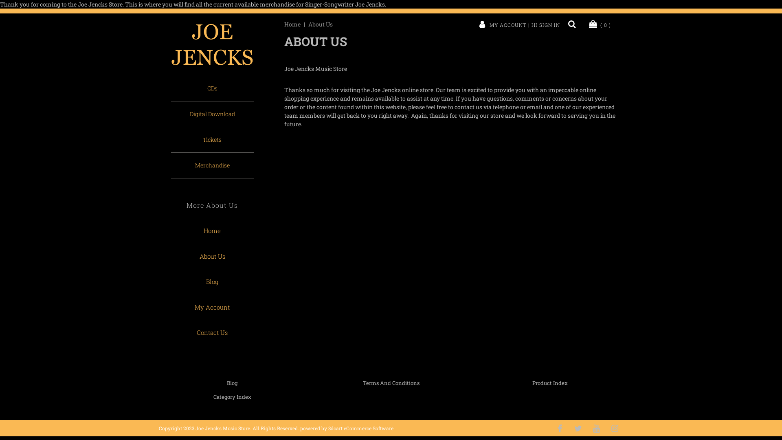 This screenshot has height=440, width=782. I want to click on 'Blog', so click(232, 382).